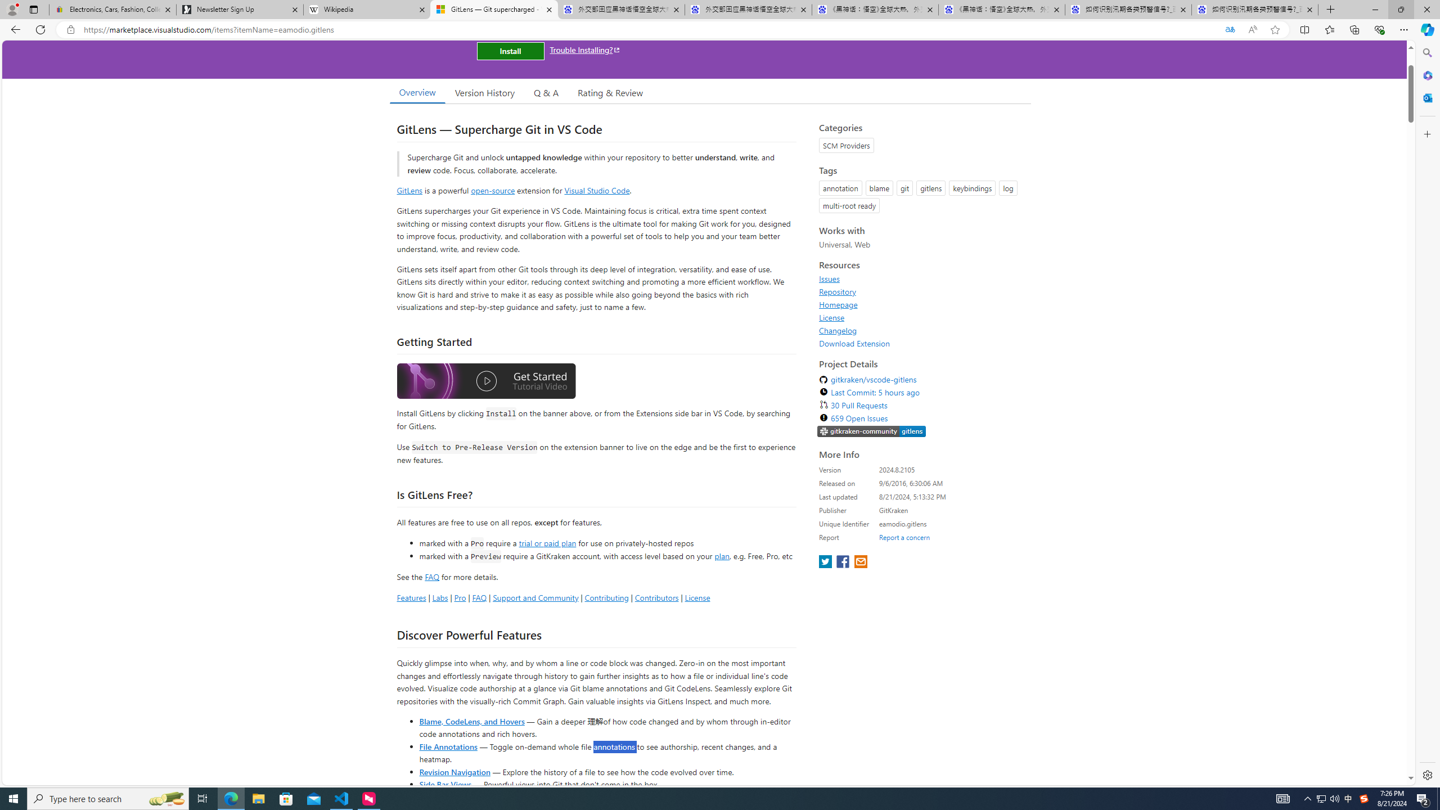  I want to click on 'Side Bar Views', so click(444, 784).